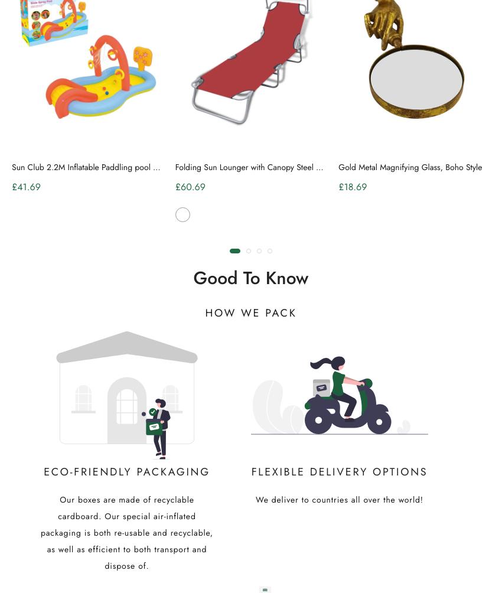 The image size is (502, 593). Describe the element at coordinates (26, 187) in the screenshot. I see `'£41.69'` at that location.